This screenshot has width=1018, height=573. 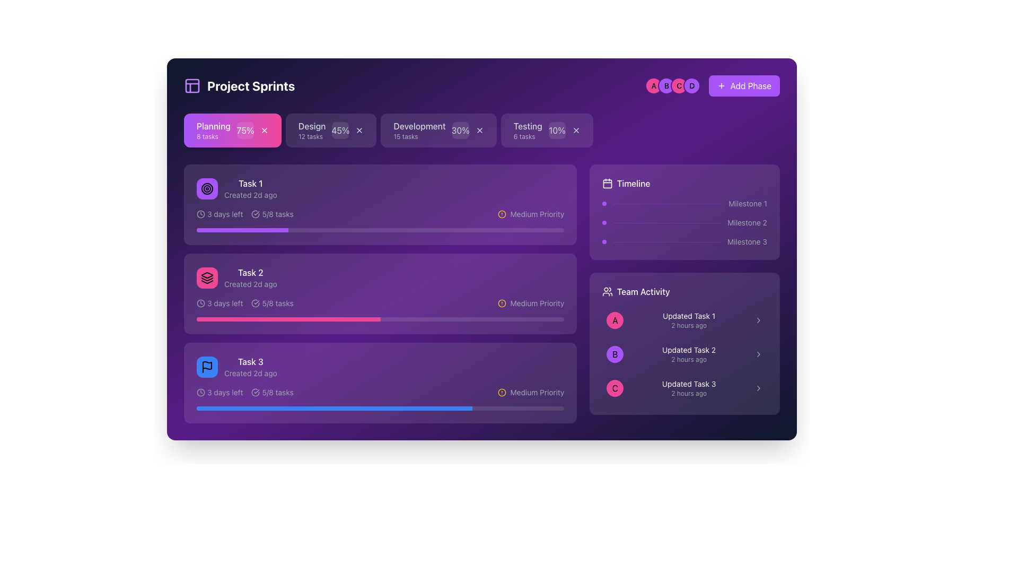 What do you see at coordinates (689, 316) in the screenshot?
I see `the text label reading 'Updated Task 1', which is styled in white font on a dark purple background, located at the top of the 'Team Activity' section` at bounding box center [689, 316].